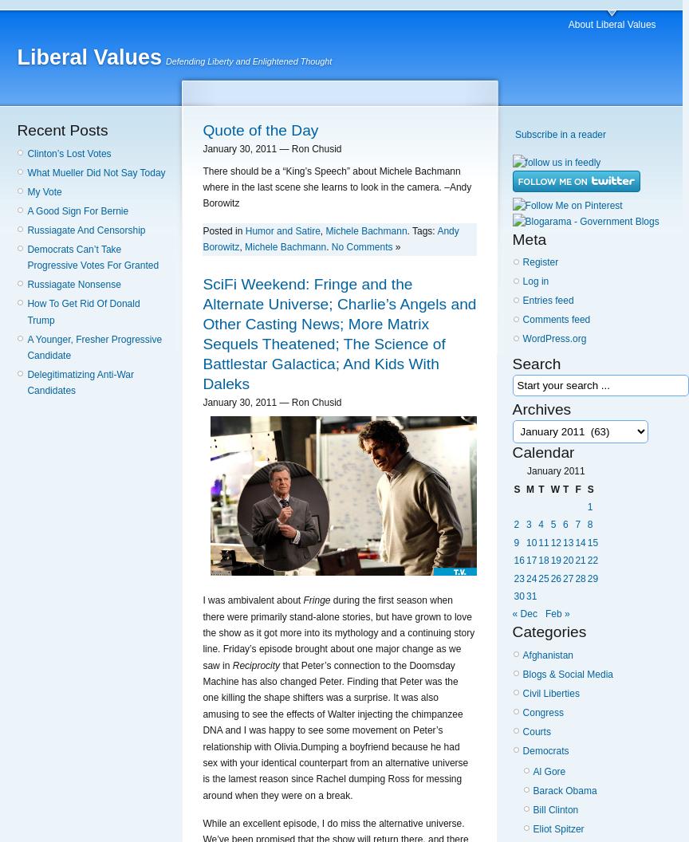 The height and width of the screenshot is (842, 689). I want to click on '20', so click(568, 560).